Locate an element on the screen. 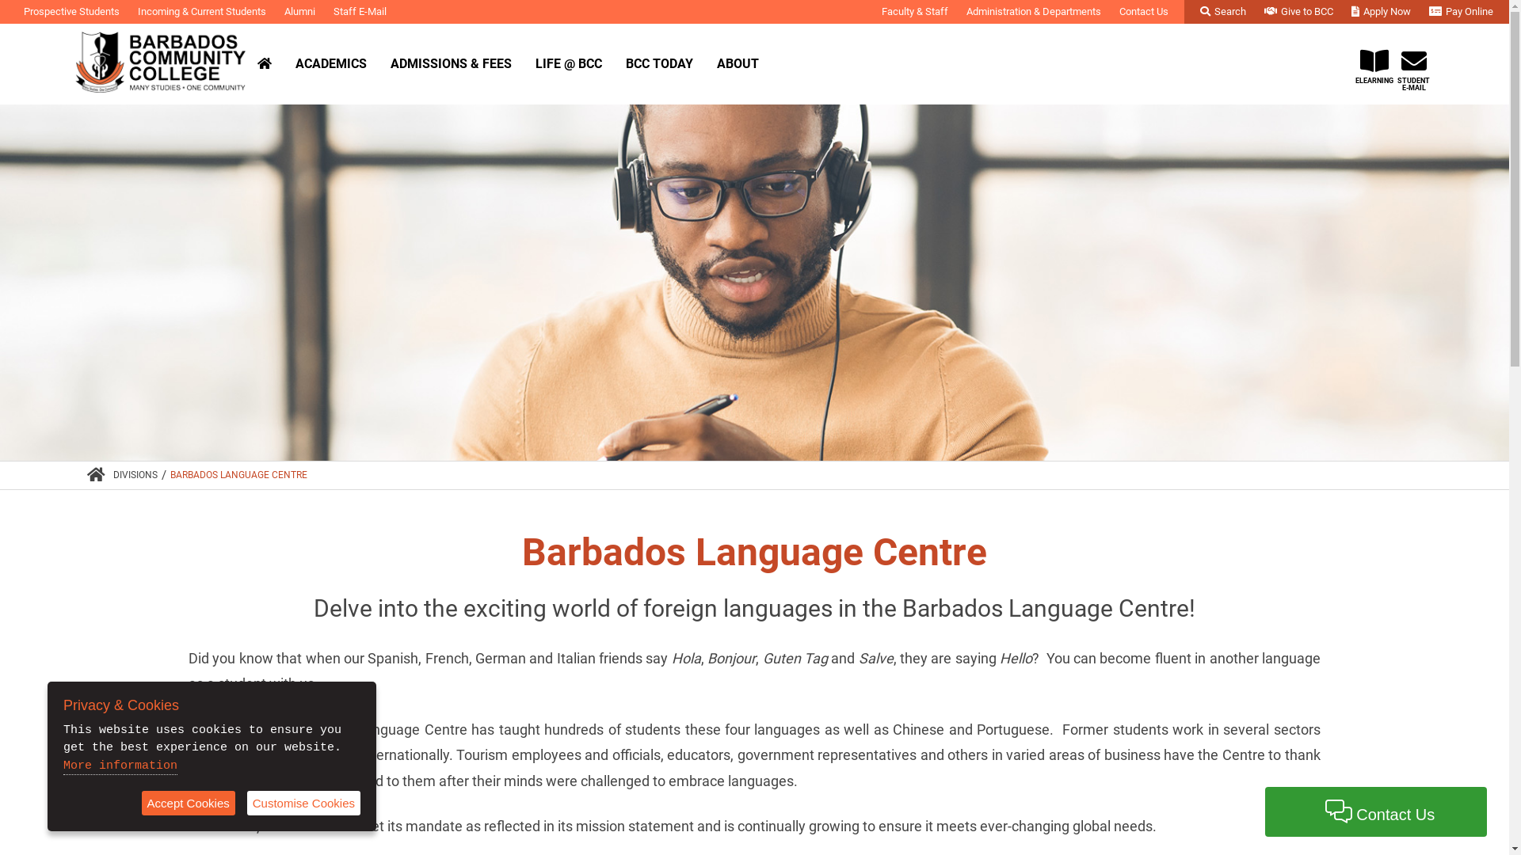  'ABOUT' is located at coordinates (703, 63).